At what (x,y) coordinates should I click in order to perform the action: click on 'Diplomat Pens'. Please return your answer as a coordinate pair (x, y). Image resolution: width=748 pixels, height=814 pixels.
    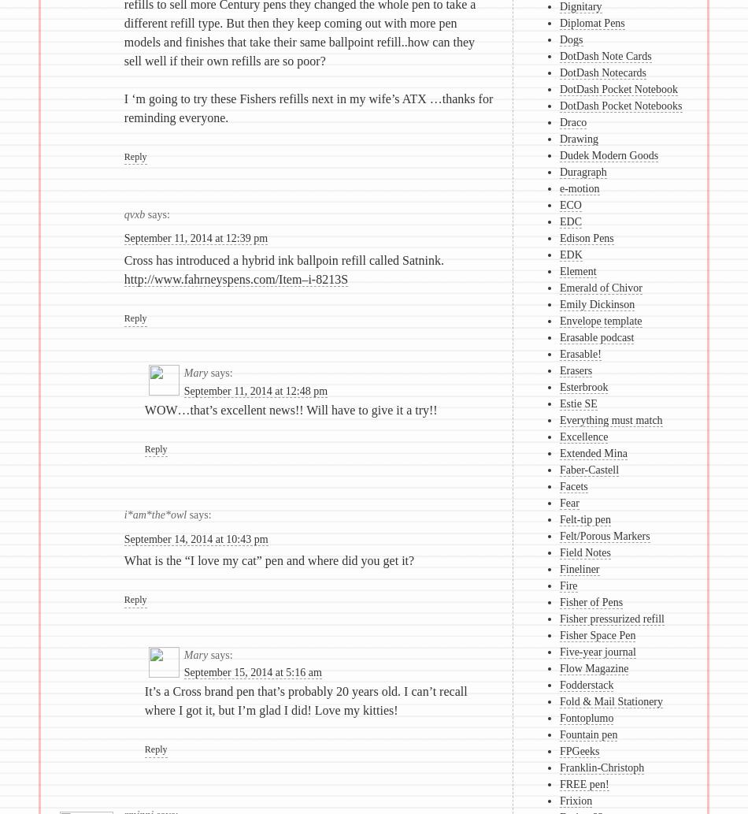
    Looking at the image, I should click on (591, 23).